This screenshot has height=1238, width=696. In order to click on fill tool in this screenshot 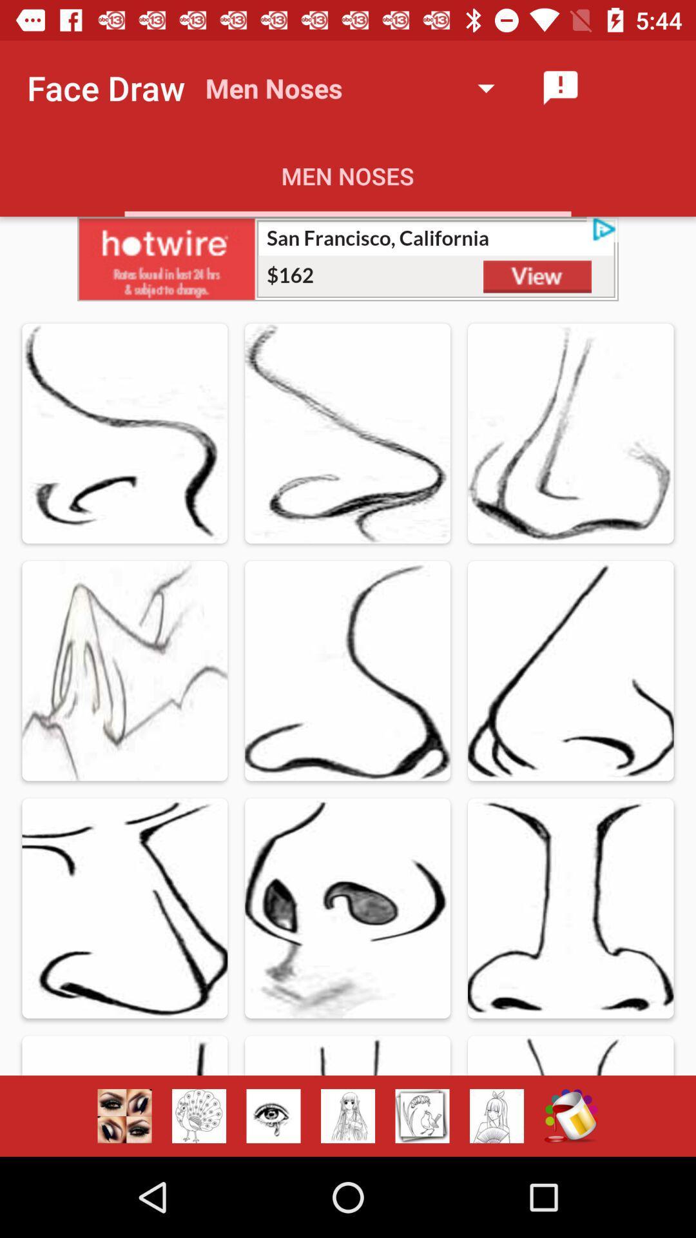, I will do `click(570, 1115)`.